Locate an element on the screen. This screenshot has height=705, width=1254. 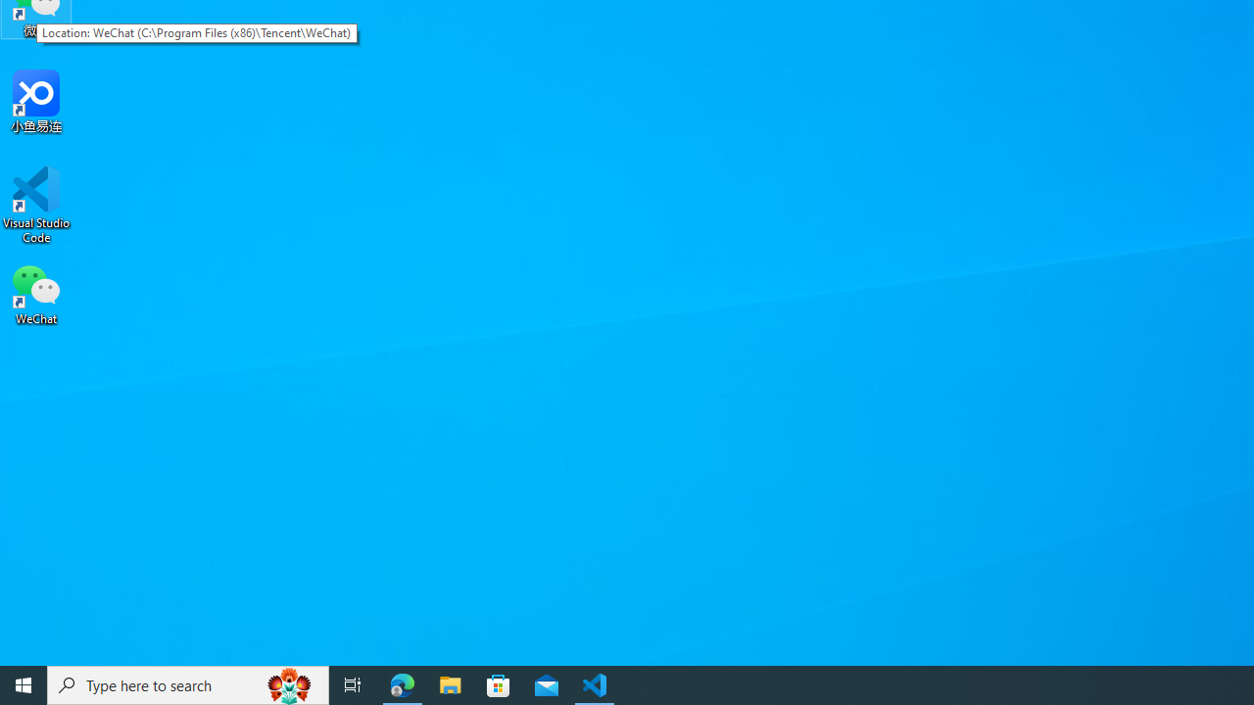
'File Explorer' is located at coordinates (450, 683).